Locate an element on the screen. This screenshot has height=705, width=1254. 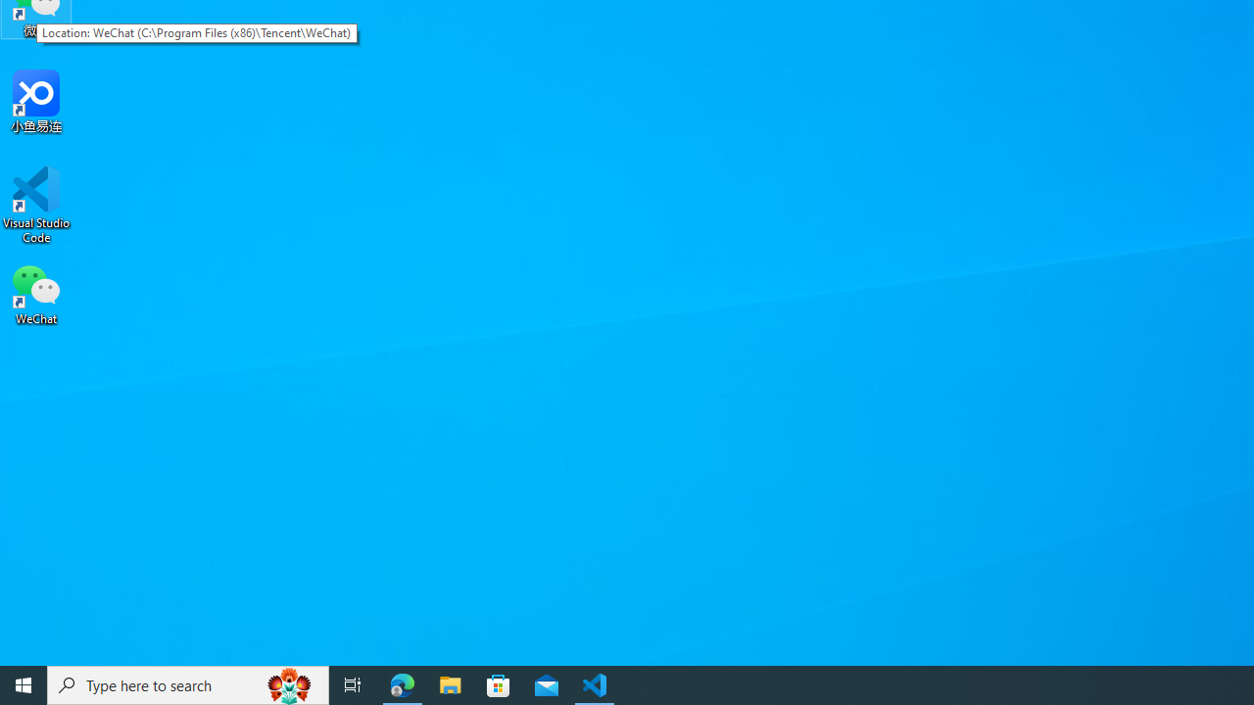
'File Explorer' is located at coordinates (450, 683).